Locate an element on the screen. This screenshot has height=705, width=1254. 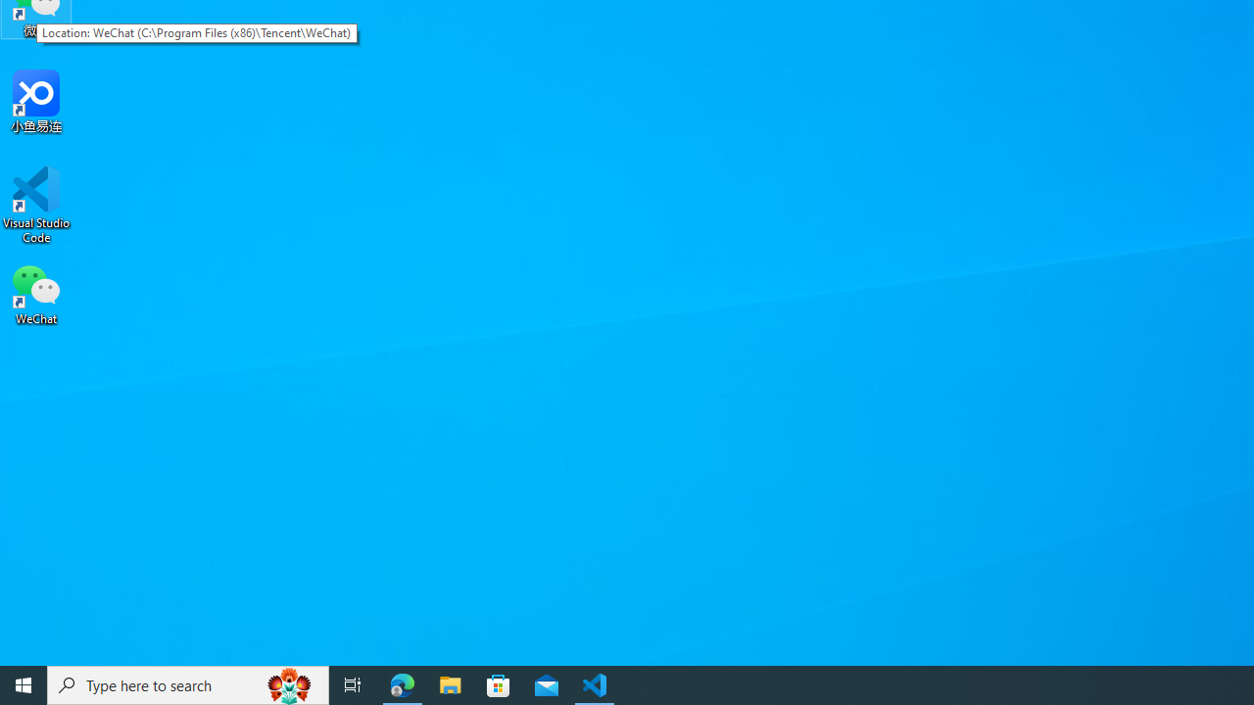
'File Explorer' is located at coordinates (450, 683).